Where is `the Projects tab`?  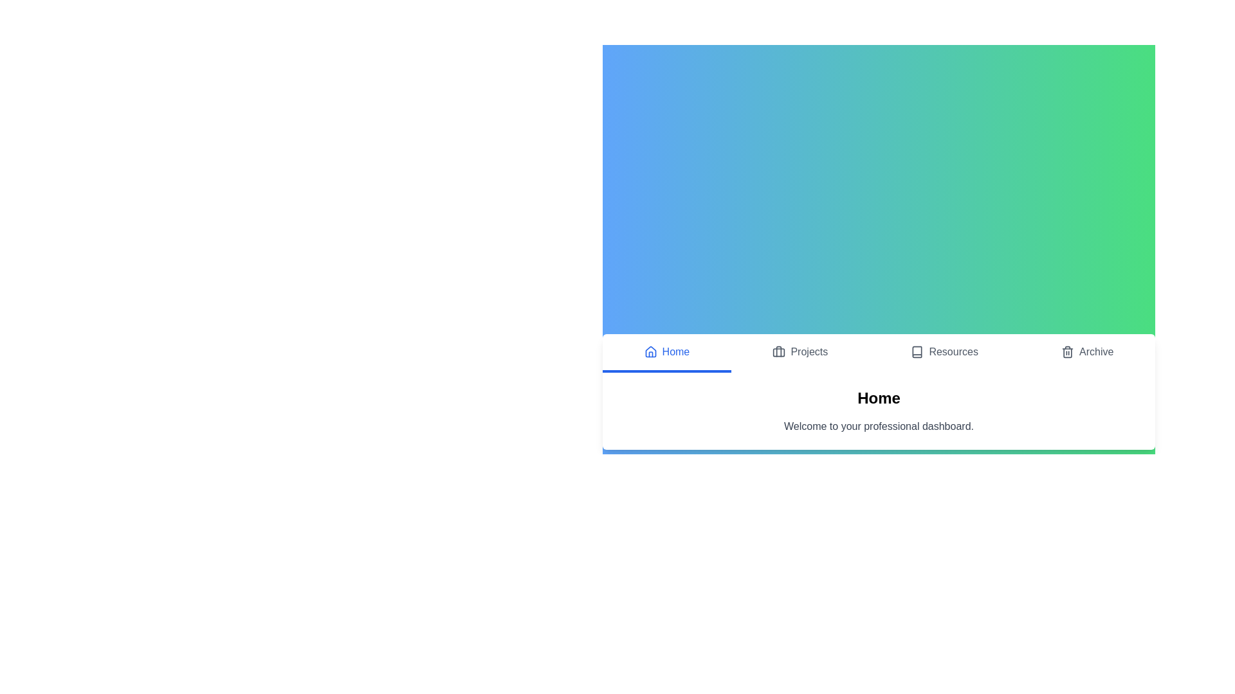
the Projects tab is located at coordinates (800, 353).